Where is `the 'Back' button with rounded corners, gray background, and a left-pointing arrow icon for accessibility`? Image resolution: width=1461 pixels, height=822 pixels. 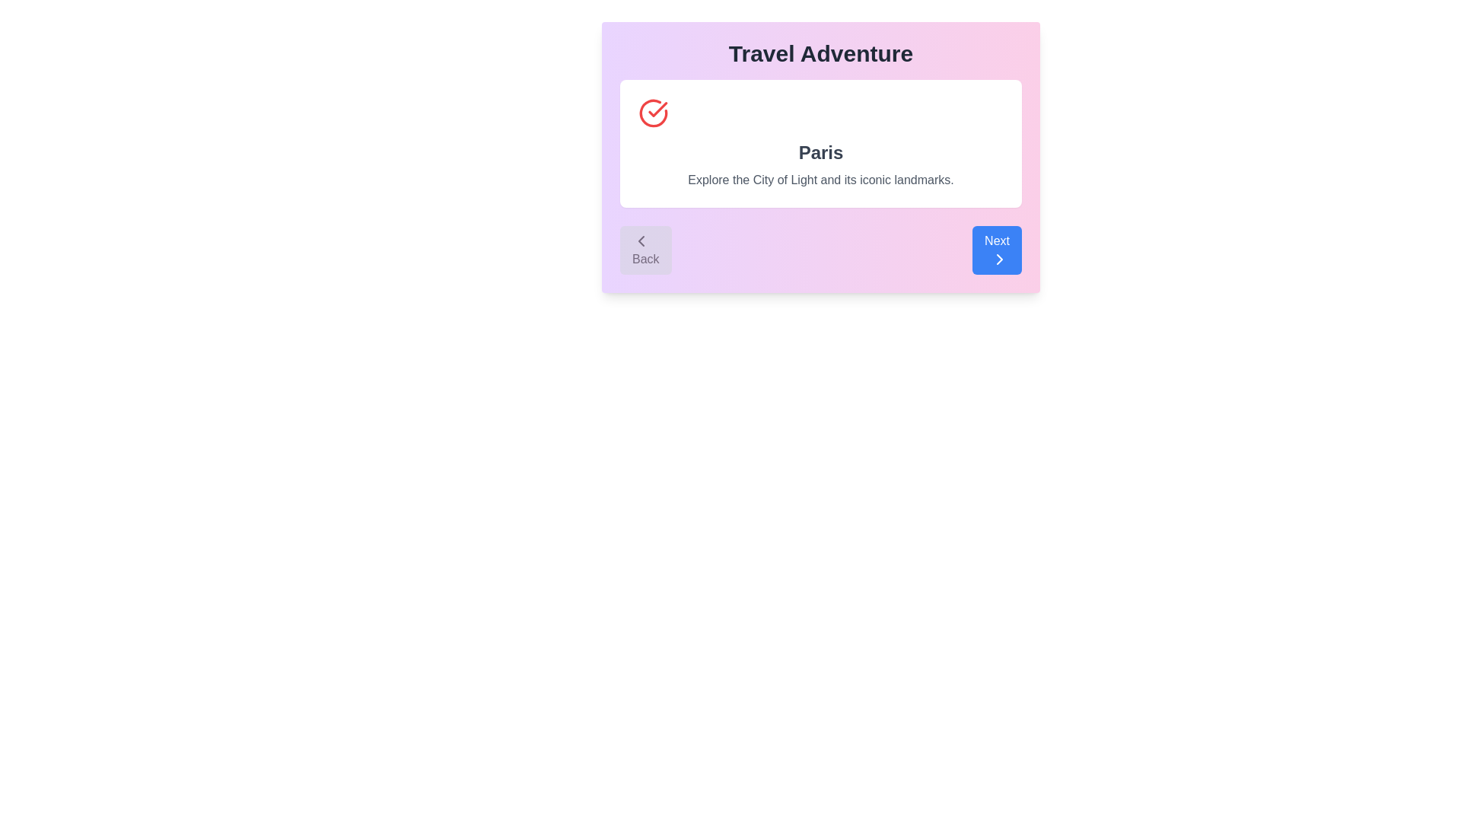
the 'Back' button with rounded corners, gray background, and a left-pointing arrow icon for accessibility is located at coordinates (645, 249).